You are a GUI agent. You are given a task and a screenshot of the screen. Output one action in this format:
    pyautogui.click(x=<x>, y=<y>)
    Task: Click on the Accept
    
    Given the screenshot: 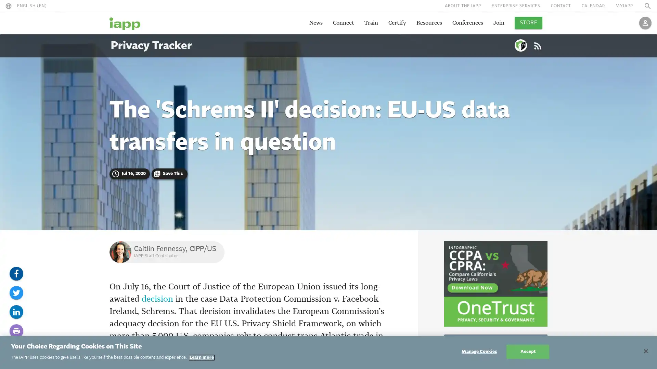 What is the action you would take?
    pyautogui.click(x=527, y=352)
    